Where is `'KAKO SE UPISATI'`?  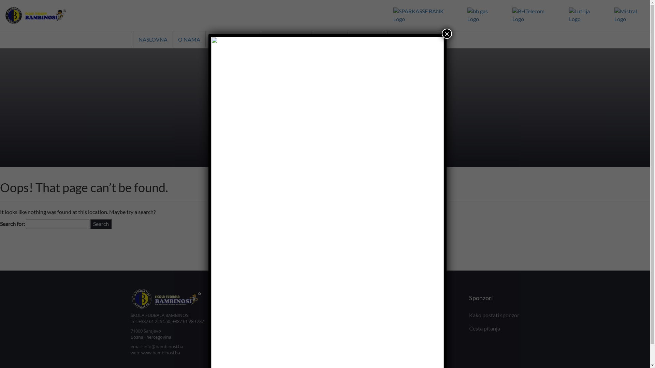 'KAKO SE UPISATI' is located at coordinates (205, 39).